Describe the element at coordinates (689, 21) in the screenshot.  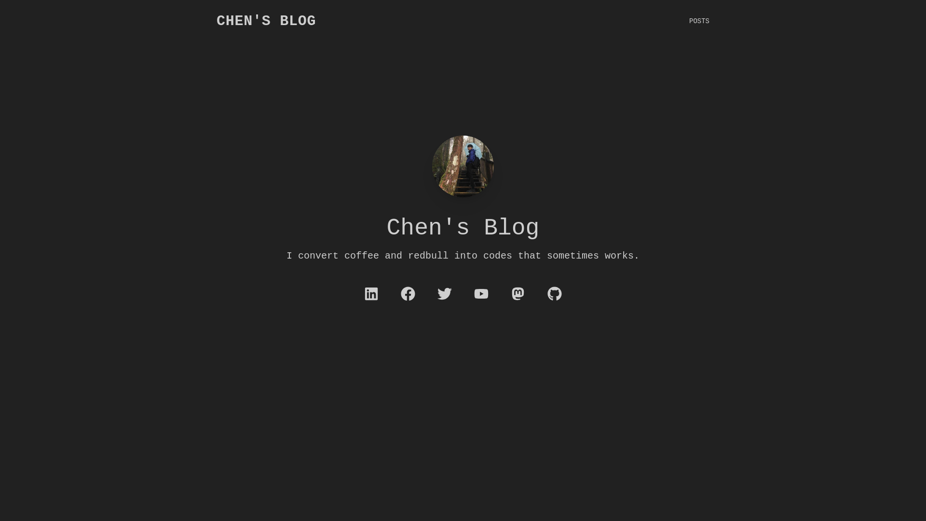
I see `'POSTS'` at that location.